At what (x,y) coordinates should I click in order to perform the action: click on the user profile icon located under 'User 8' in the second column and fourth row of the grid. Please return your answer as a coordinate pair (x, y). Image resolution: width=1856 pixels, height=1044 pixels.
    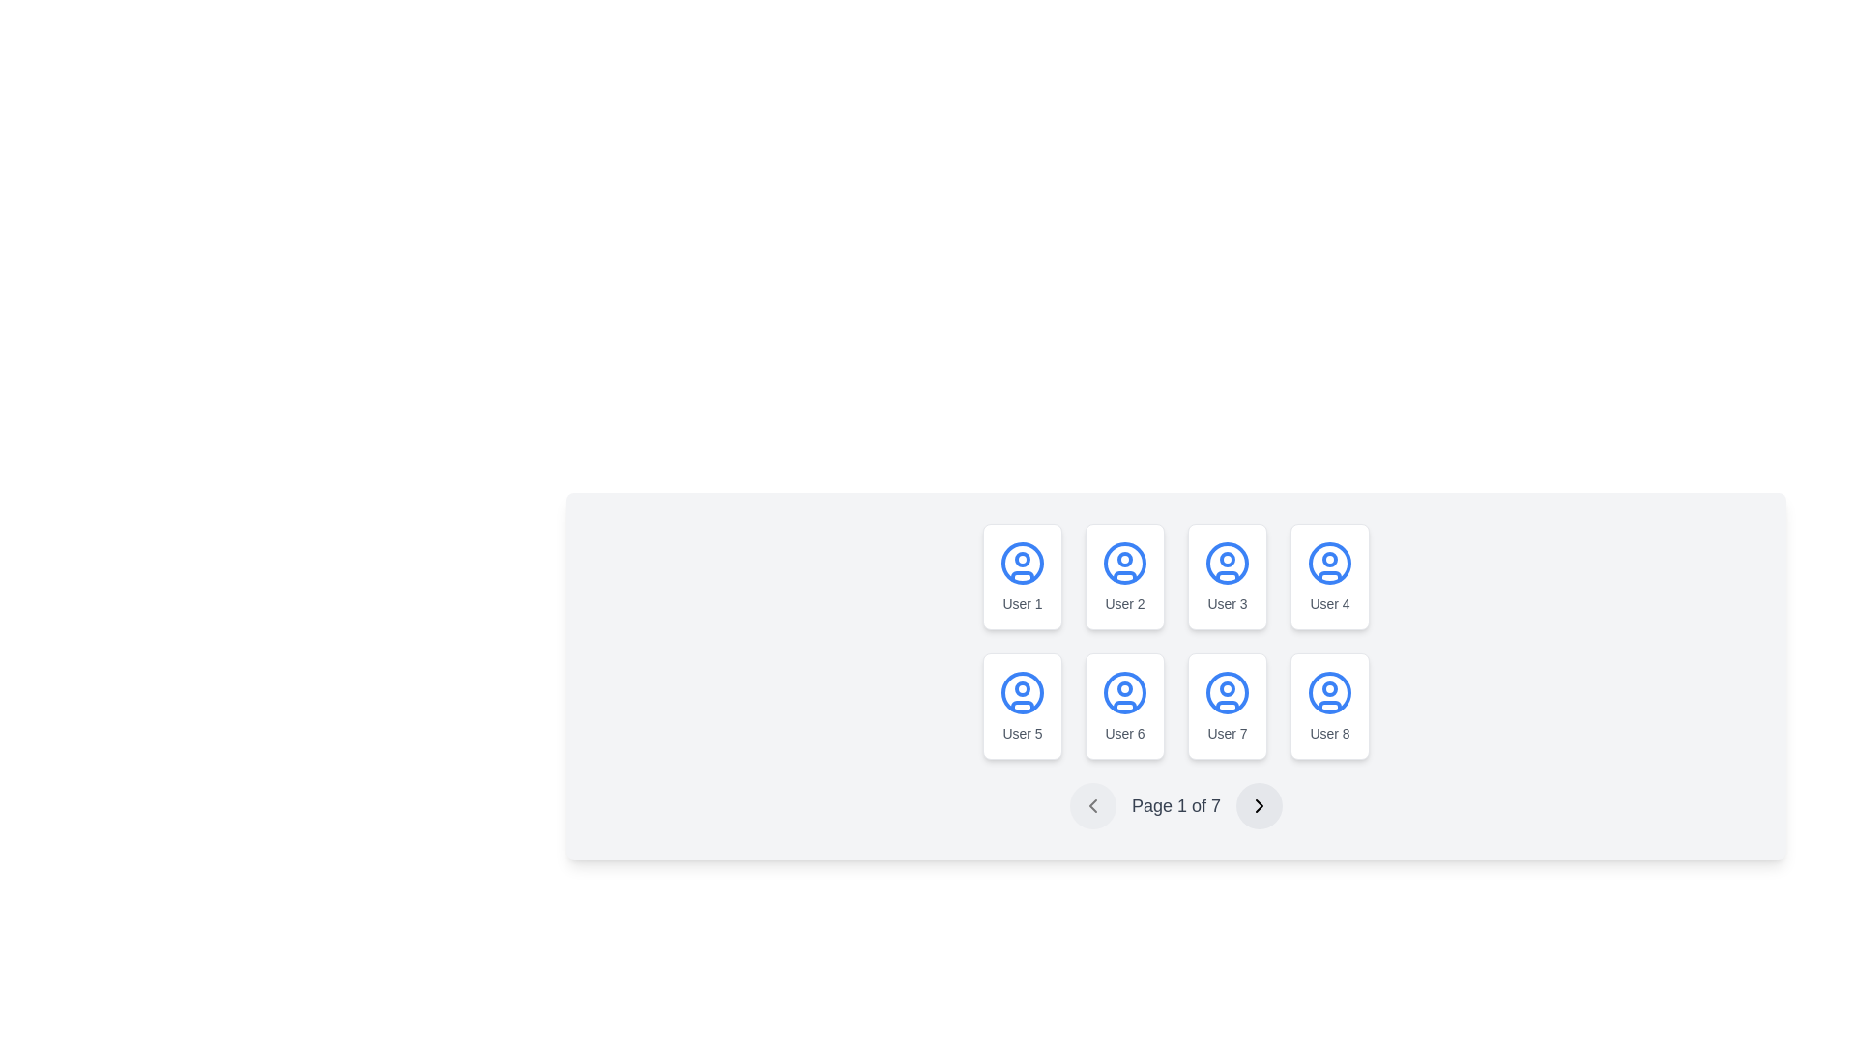
    Looking at the image, I should click on (1329, 692).